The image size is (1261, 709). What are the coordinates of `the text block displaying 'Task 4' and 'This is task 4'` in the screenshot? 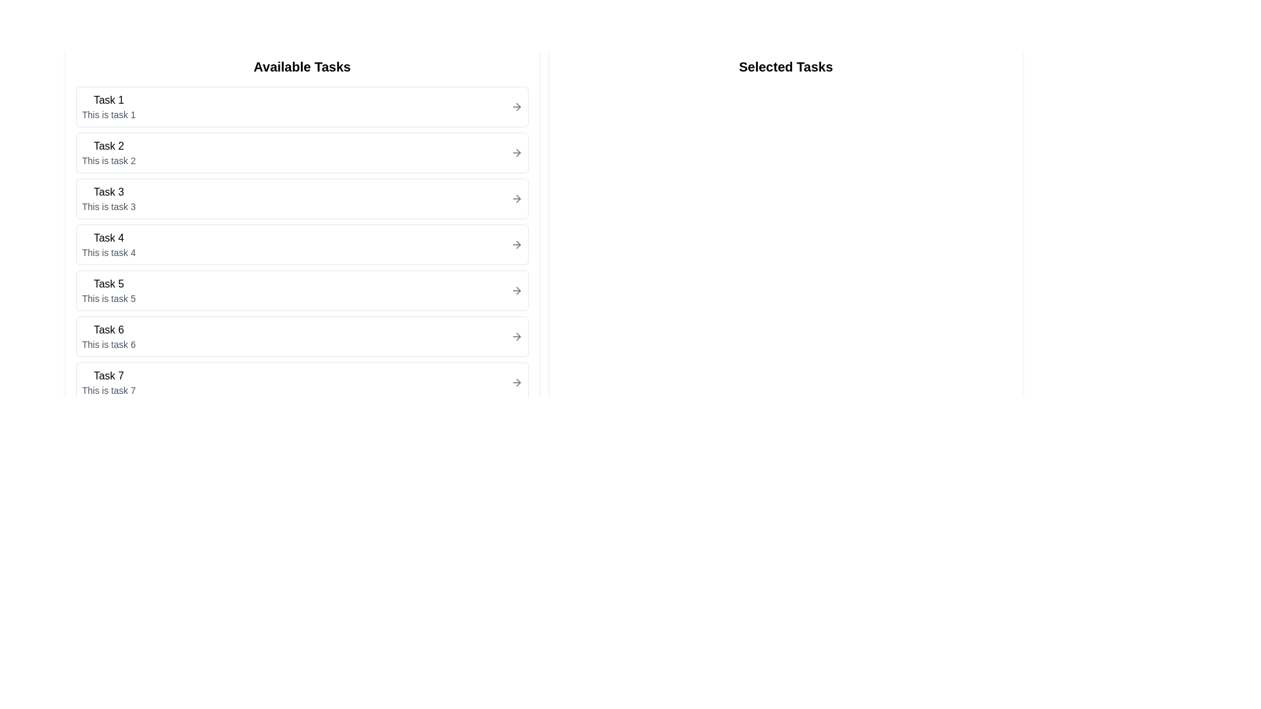 It's located at (108, 245).